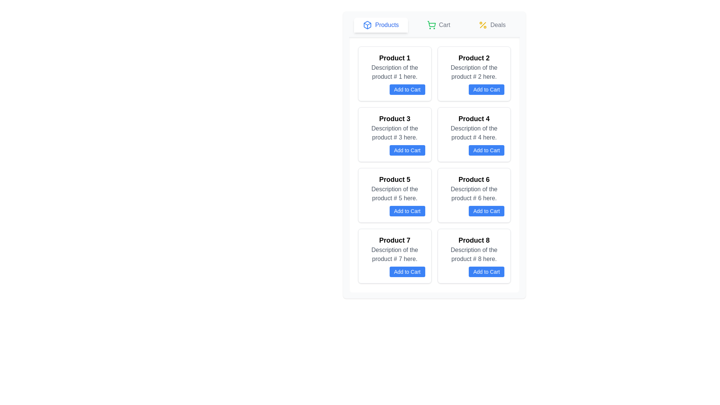 Image resolution: width=720 pixels, height=405 pixels. I want to click on the button located in the bottom-right area of the 'Product 5' card, so click(394, 211).